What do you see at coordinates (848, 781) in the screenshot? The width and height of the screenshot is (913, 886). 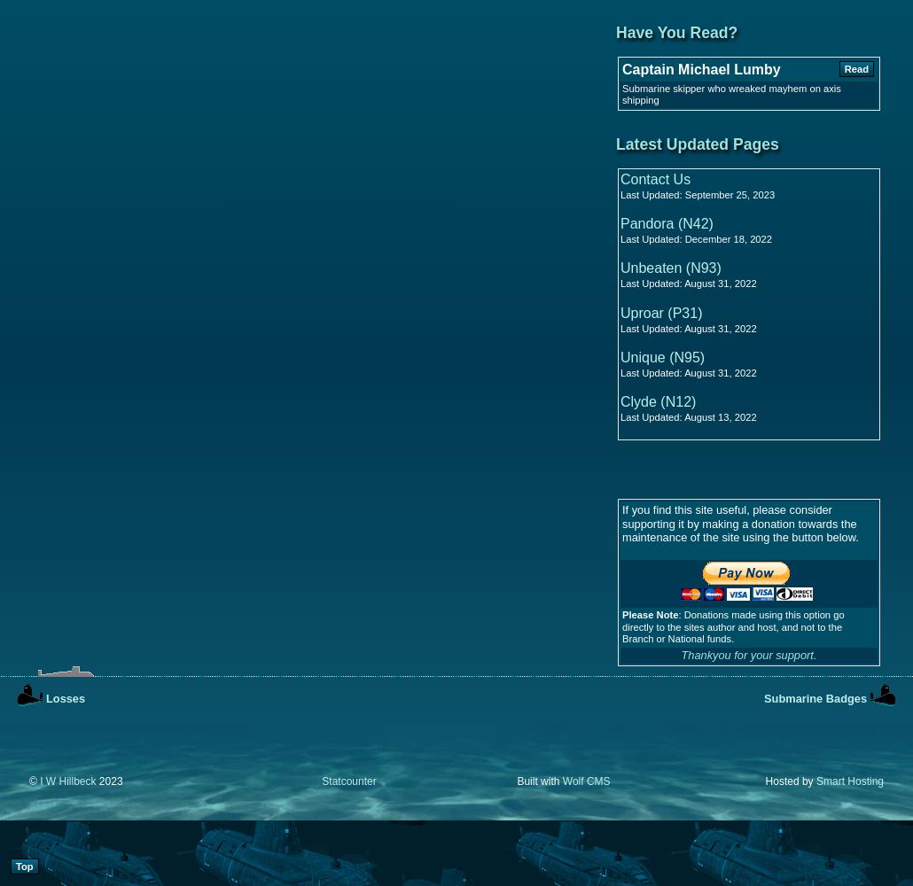 I see `'Smart Hosting'` at bounding box center [848, 781].